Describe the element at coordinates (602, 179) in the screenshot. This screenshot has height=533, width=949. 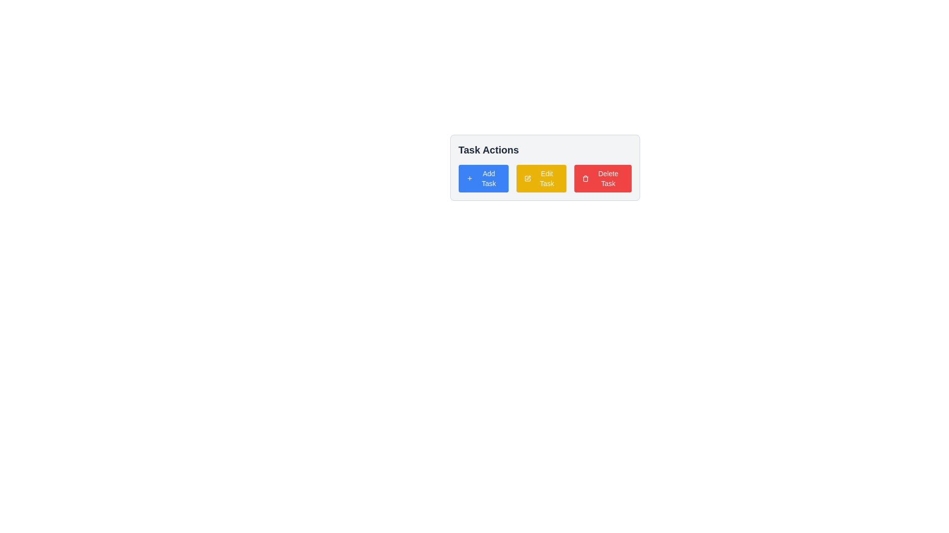
I see `the 'Delete Task' button, which is the last button in a horizontal arrangement of 'Add Task', 'Edit Task', and 'Delete Task'` at that location.